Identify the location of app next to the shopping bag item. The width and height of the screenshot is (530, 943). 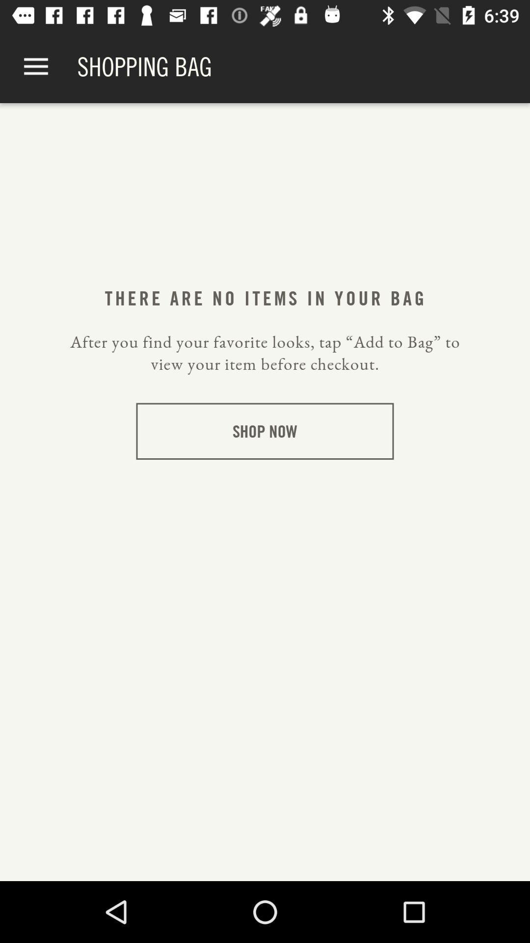
(35, 66).